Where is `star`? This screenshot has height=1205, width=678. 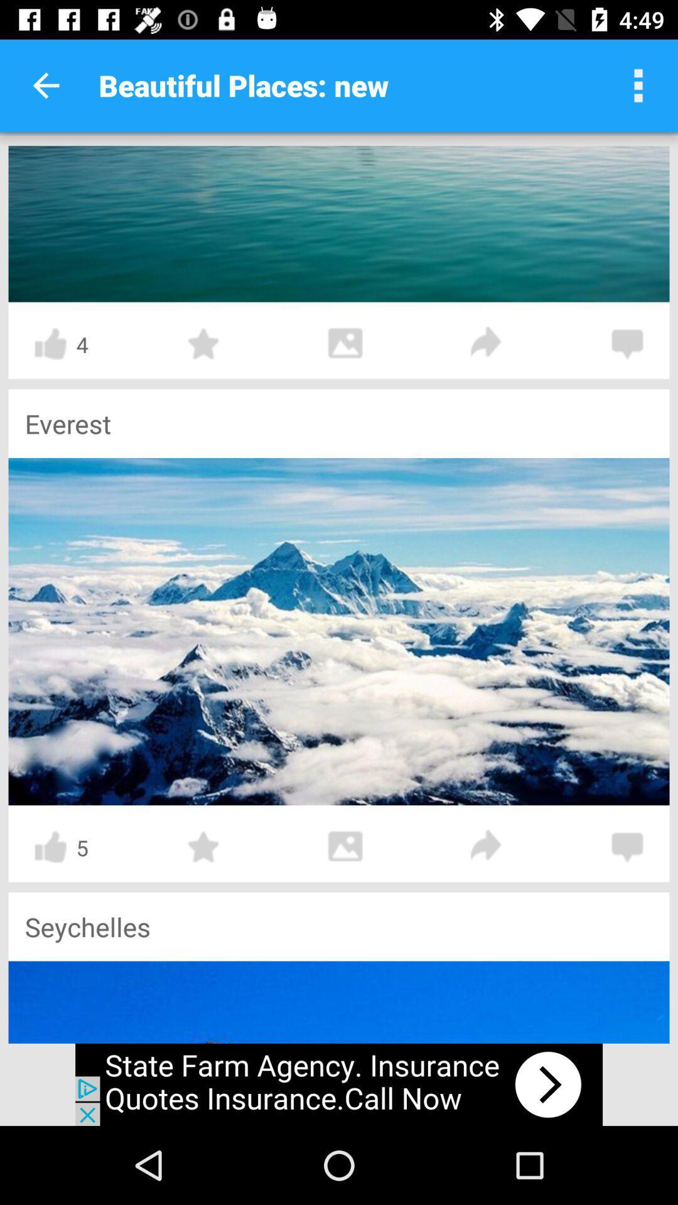 star is located at coordinates (203, 344).